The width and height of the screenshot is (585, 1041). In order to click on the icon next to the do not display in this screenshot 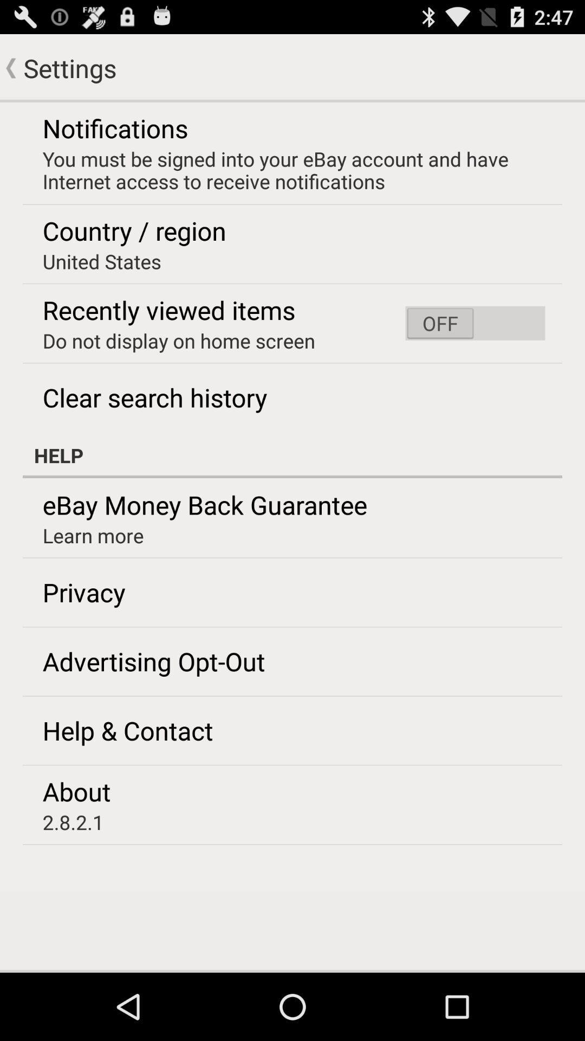, I will do `click(474, 323)`.